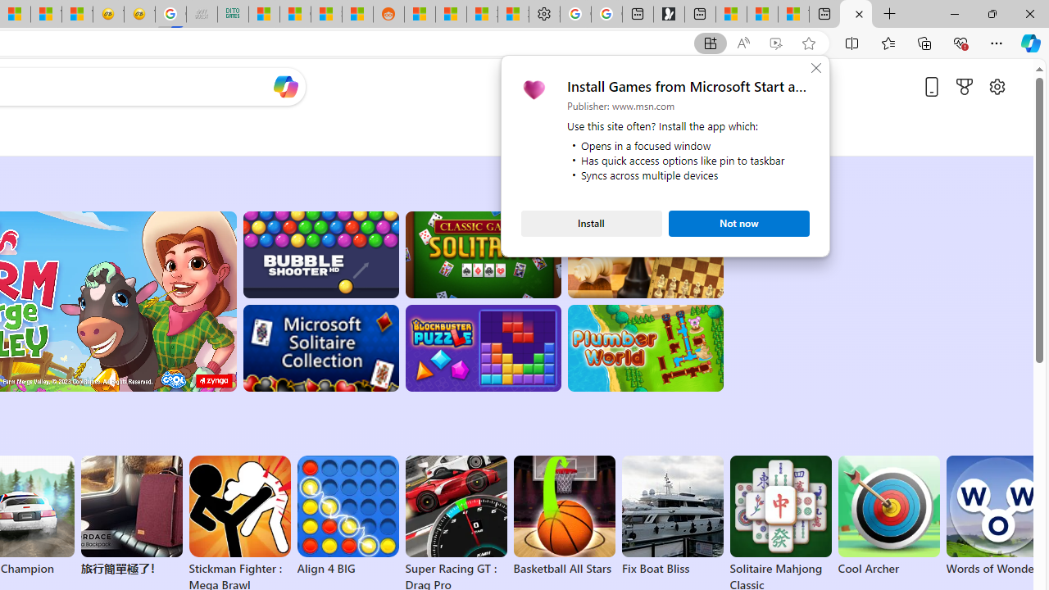 This screenshot has width=1049, height=590. Describe the element at coordinates (738, 223) in the screenshot. I see `'Not now'` at that location.